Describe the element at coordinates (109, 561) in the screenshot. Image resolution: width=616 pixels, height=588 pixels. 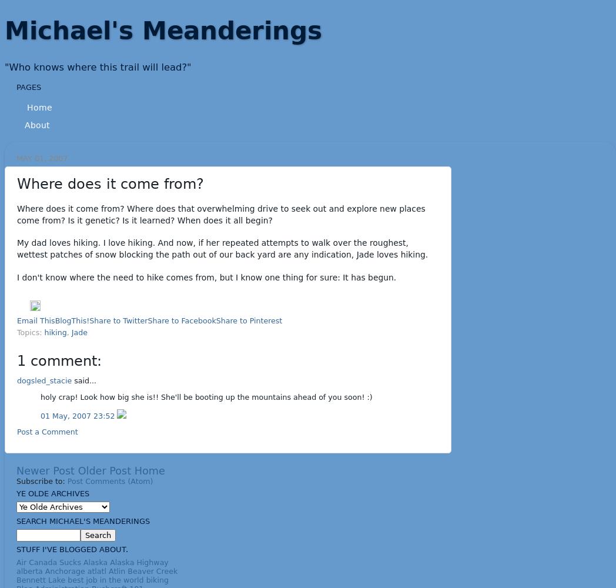
I see `'Alaska Highway'` at that location.